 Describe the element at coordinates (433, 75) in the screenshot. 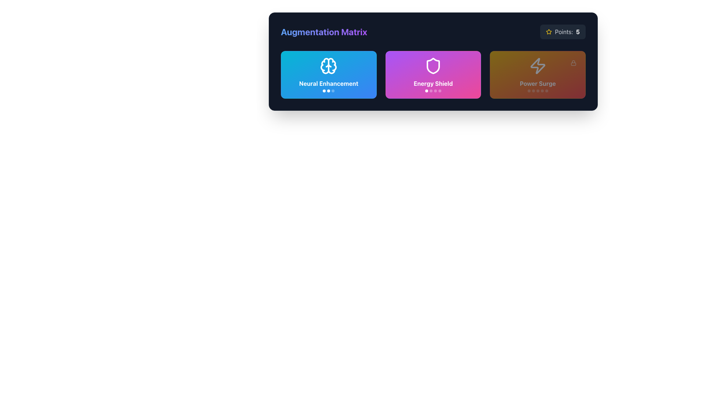

I see `'Energy Shield' label from the Card element displaying a white shield icon and bold text in a gradient background` at that location.